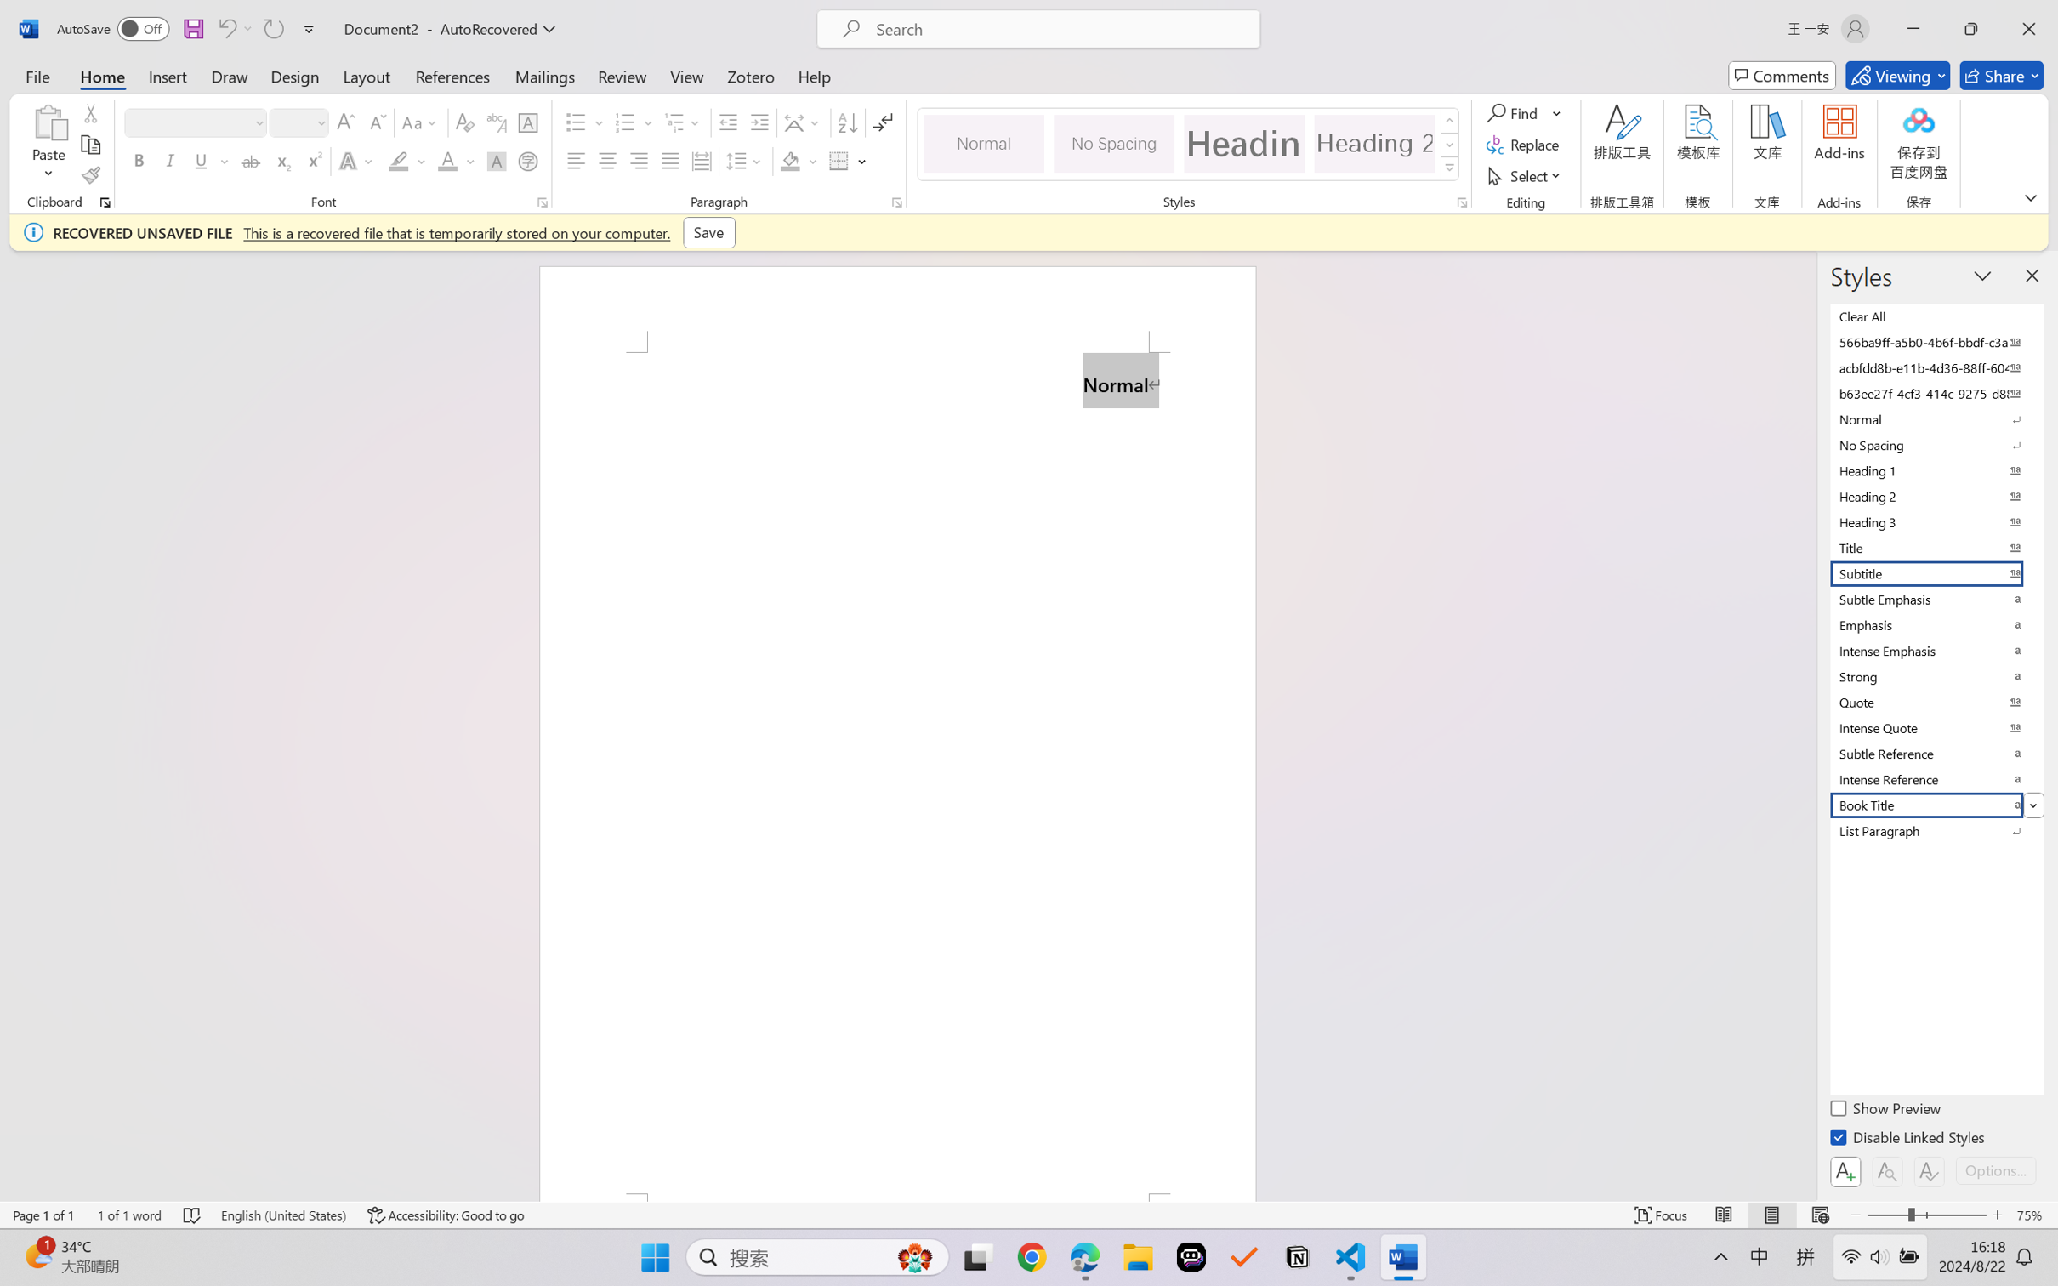 This screenshot has width=2058, height=1286. I want to click on 'Increase Indent', so click(759, 122).